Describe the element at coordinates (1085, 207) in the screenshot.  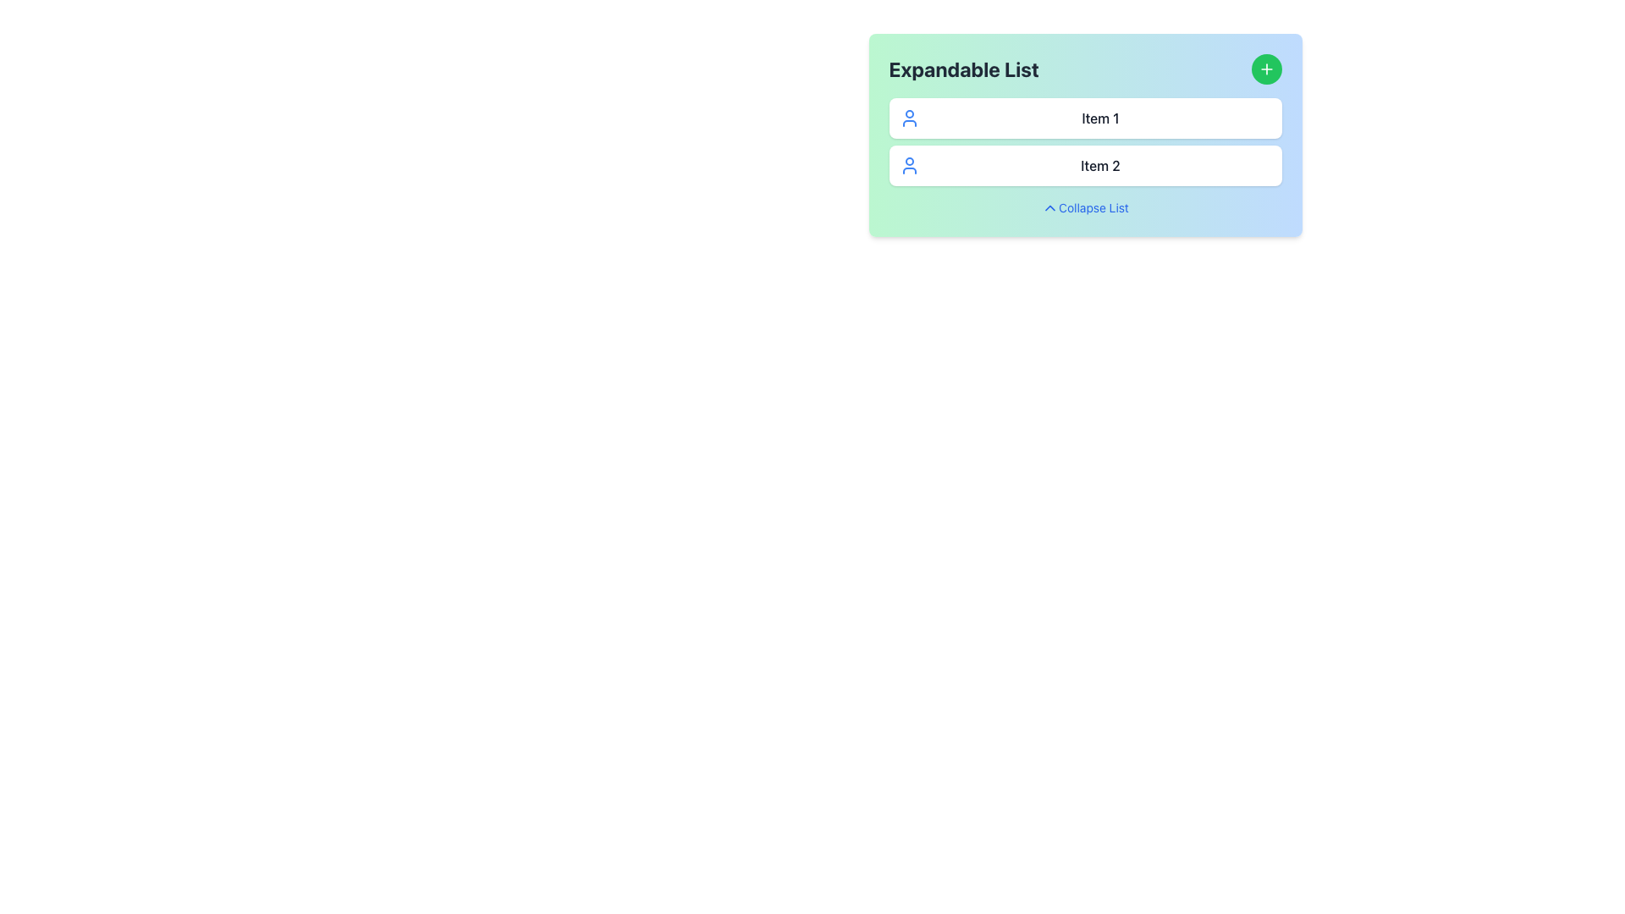
I see `the clickable text link labeled 'Collapse List' with an upward arrow icon` at that location.